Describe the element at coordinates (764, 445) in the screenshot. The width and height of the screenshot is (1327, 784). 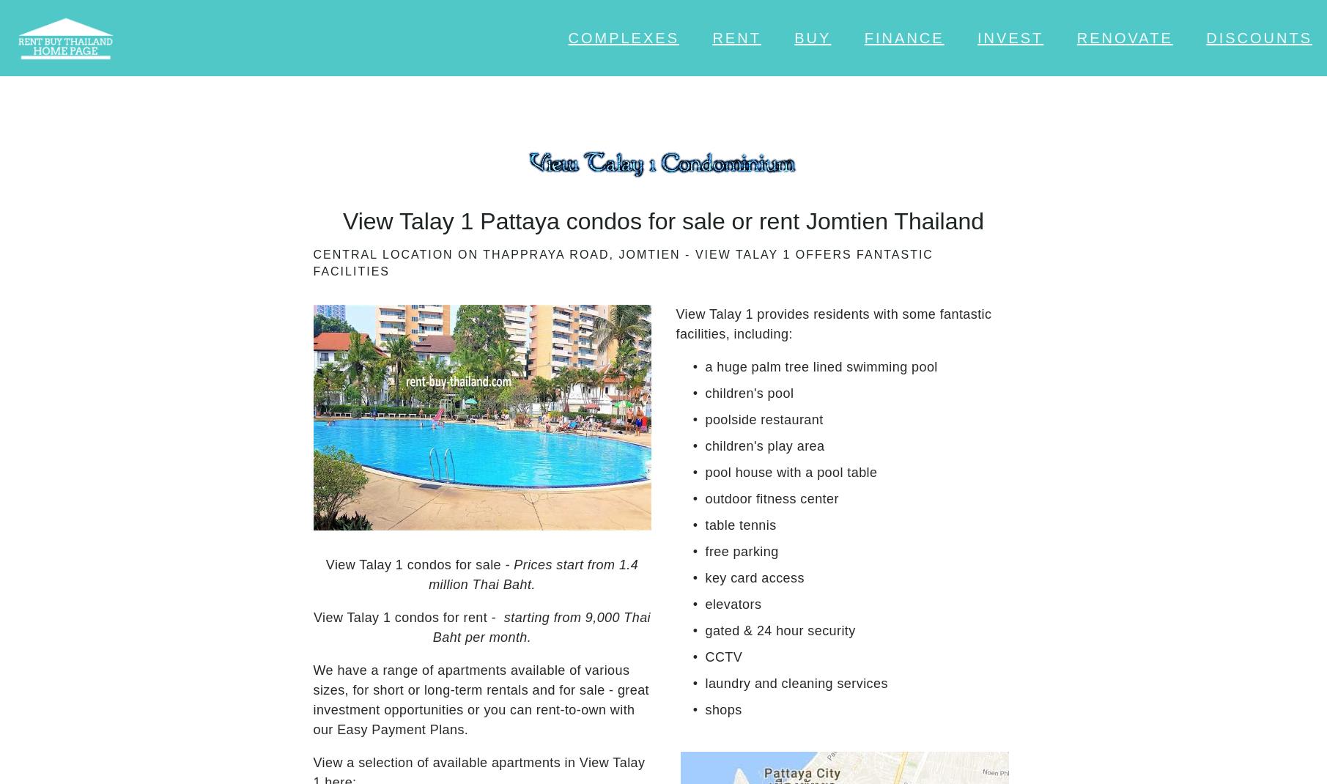
I see `'children's play area'` at that location.